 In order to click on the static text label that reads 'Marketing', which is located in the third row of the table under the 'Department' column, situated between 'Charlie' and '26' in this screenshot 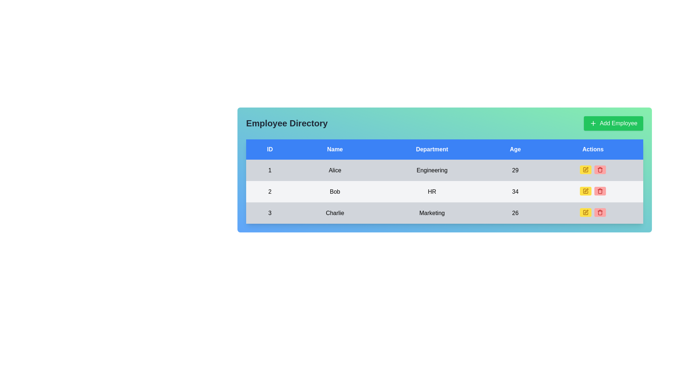, I will do `click(432, 213)`.